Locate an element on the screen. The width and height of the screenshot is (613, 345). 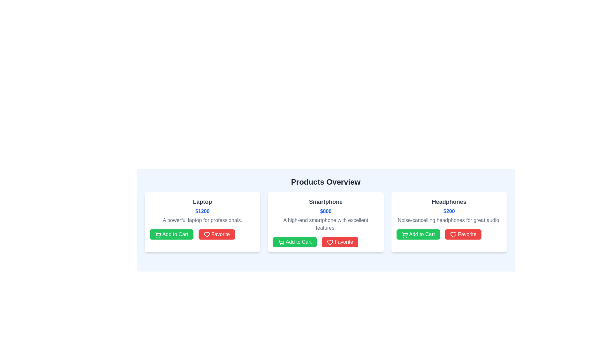
the 'Add to Cart' button for the product 'Laptop' is located at coordinates (171, 234).